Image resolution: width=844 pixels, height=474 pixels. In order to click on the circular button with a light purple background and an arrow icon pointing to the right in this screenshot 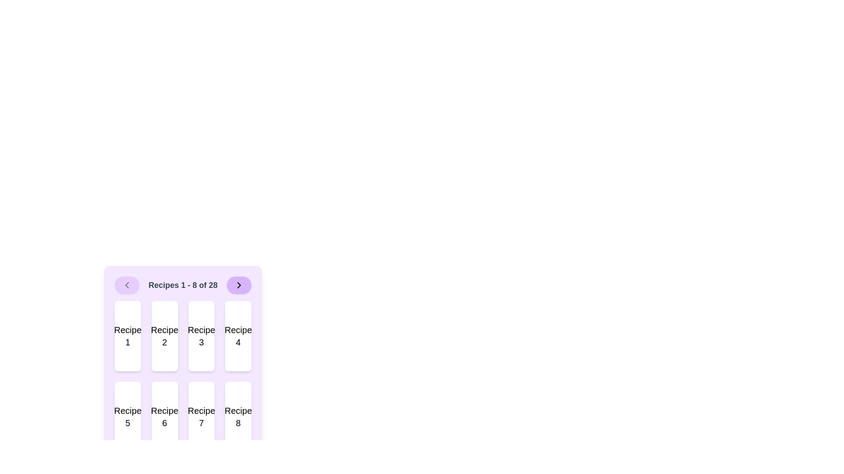, I will do `click(239, 285)`.